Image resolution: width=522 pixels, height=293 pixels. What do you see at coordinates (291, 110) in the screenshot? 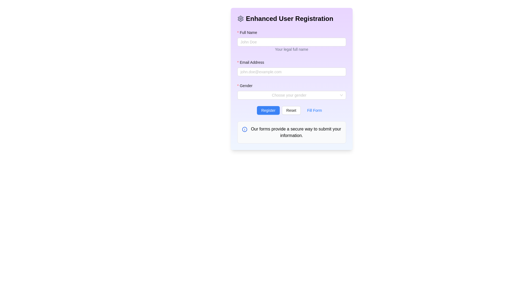
I see `the 'Reset' button, which is a button with a white background and black border, located between the 'Register' and 'Fill Form' buttons at the bottom of the registration form` at bounding box center [291, 110].